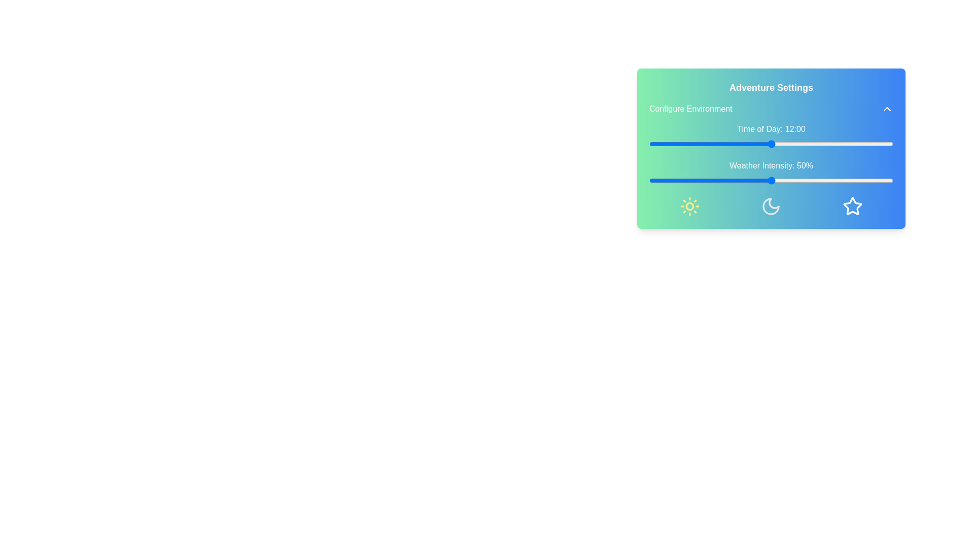 The height and width of the screenshot is (548, 974). What do you see at coordinates (771, 180) in the screenshot?
I see `the 'Weather Intensity' slider to 50%` at bounding box center [771, 180].